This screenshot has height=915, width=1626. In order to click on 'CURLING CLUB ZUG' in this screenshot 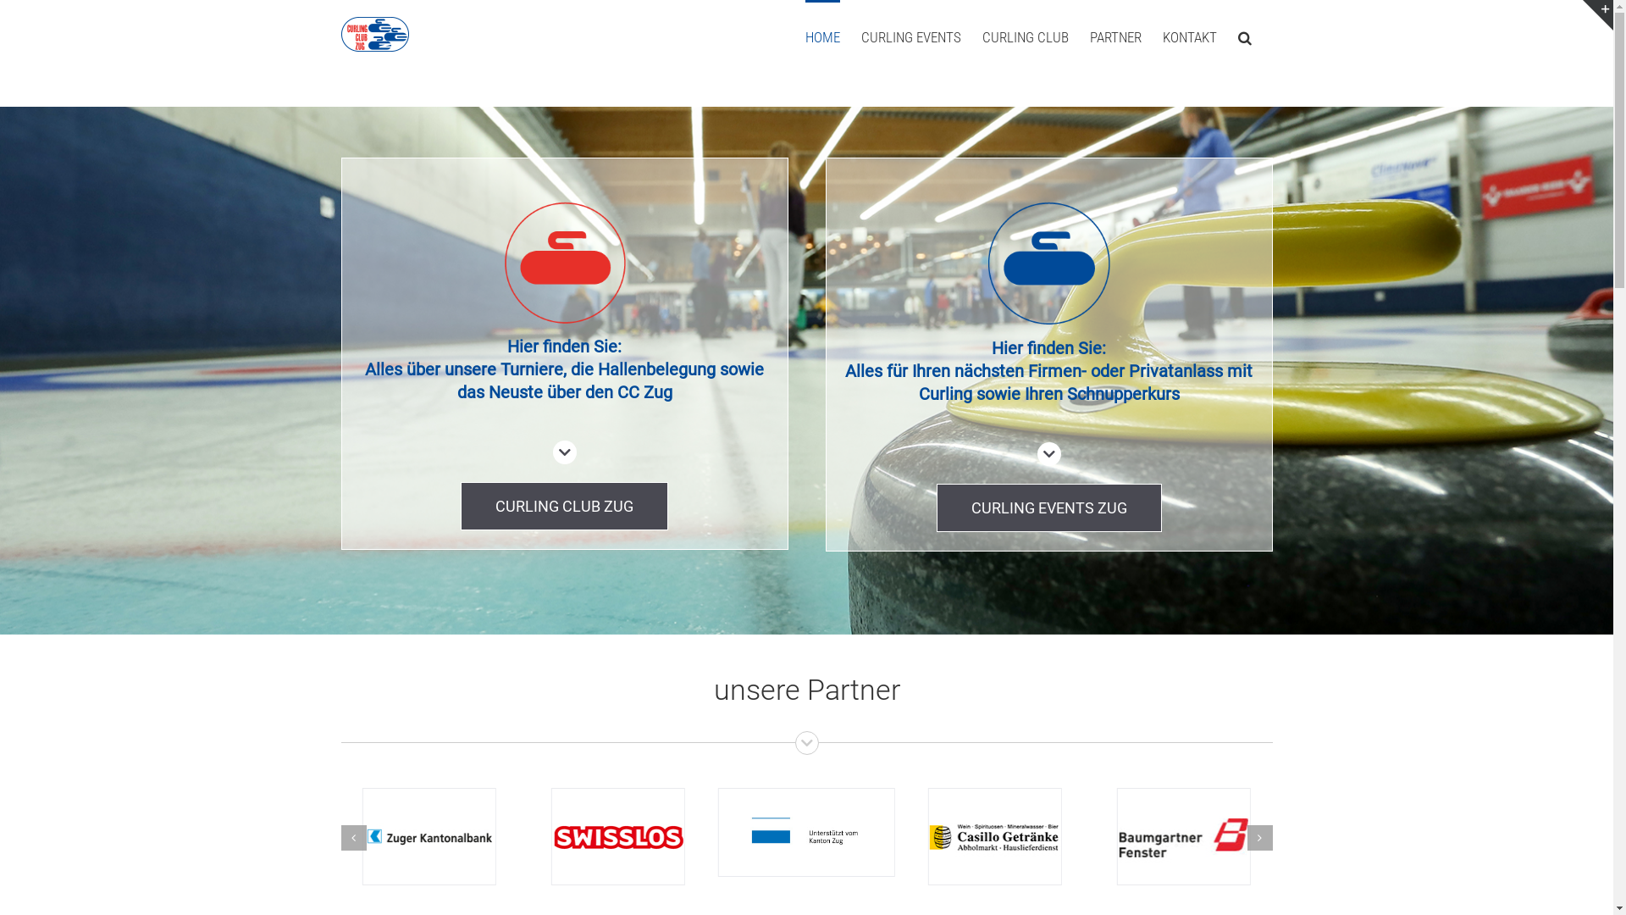, I will do `click(564, 505)`.